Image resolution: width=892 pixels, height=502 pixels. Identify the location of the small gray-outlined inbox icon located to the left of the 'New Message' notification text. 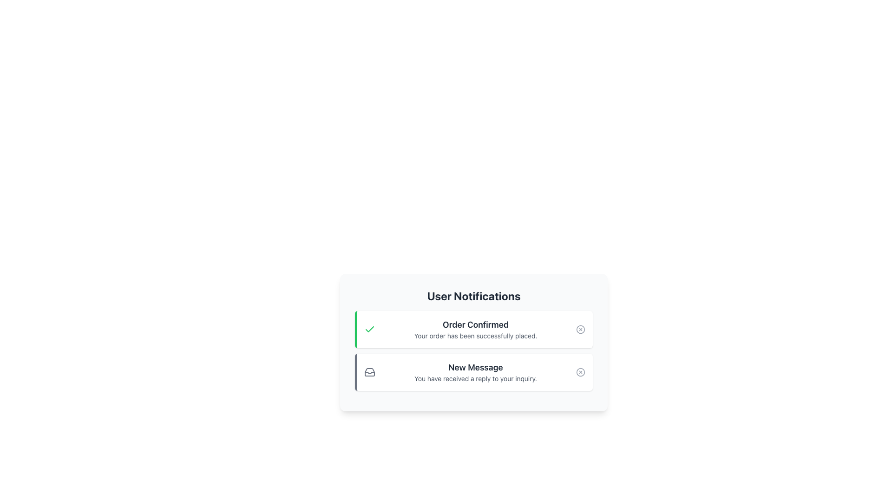
(369, 372).